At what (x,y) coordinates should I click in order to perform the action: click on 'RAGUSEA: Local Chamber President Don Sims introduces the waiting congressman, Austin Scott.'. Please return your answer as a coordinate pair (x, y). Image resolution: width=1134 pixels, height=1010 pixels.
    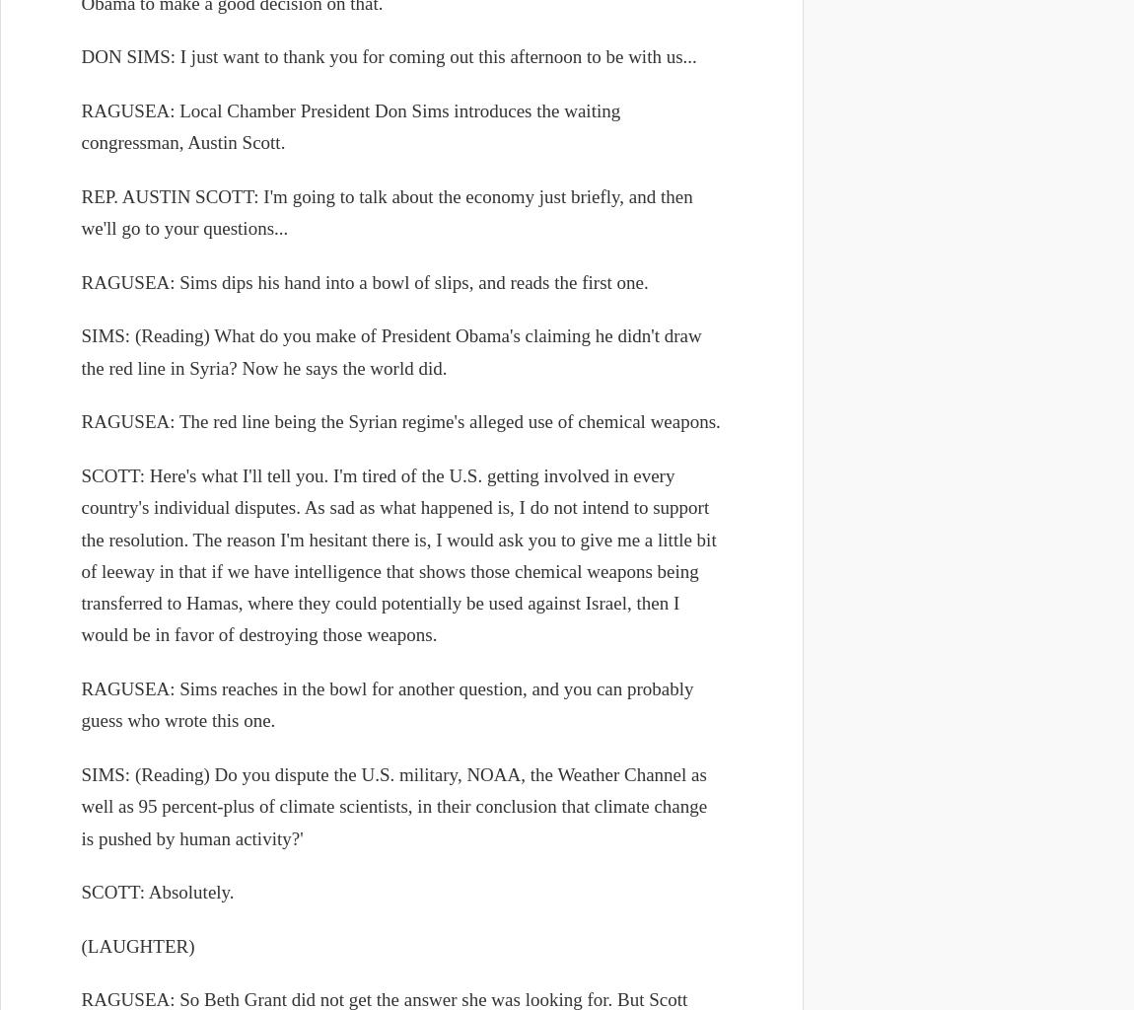
    Looking at the image, I should click on (350, 126).